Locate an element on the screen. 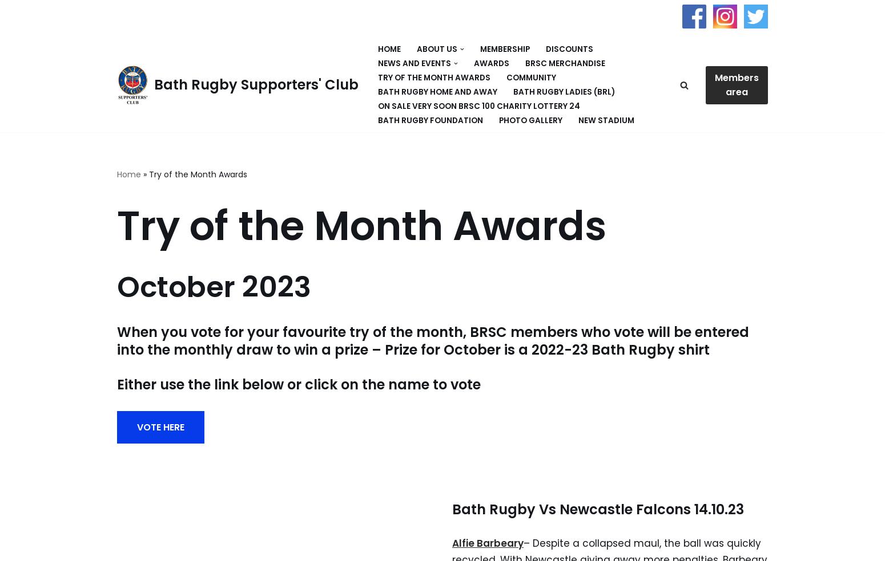 The height and width of the screenshot is (561, 885). 'ON SALE VERY SOON                BRSC 100 Charity Lottery 24' is located at coordinates (478, 106).